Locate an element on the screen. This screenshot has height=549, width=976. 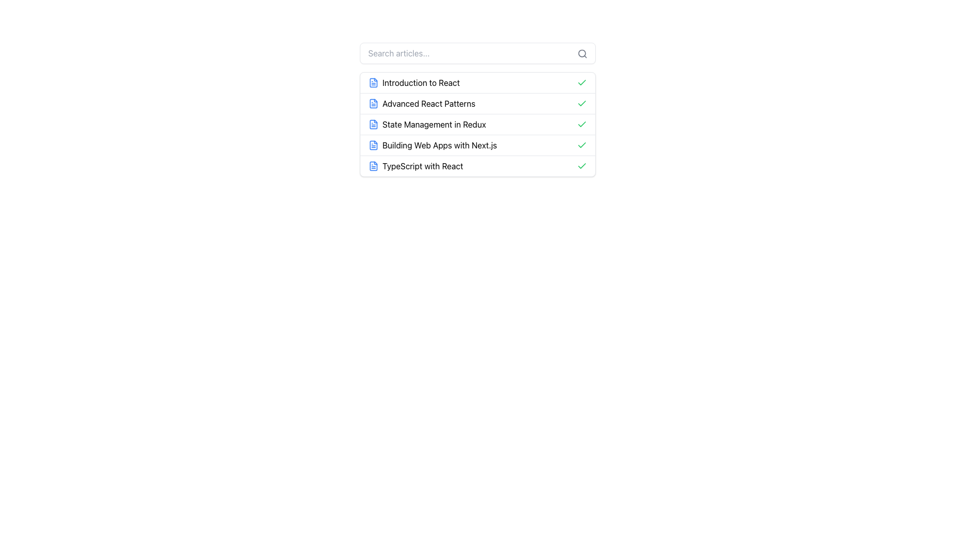
the green checkmark icon indicating completion for 'Introduction to React' is located at coordinates (582, 82).